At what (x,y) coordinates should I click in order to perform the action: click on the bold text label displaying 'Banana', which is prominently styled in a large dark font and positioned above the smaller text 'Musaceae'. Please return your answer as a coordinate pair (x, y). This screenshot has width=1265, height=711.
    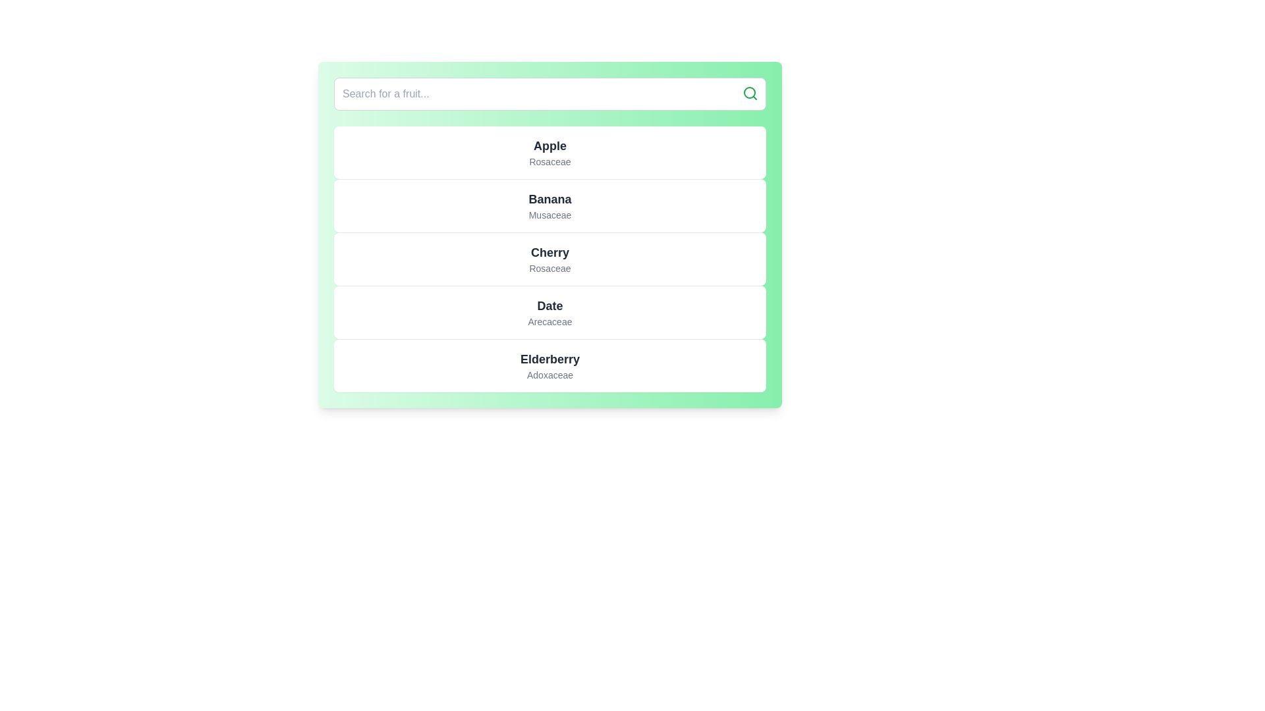
    Looking at the image, I should click on (550, 199).